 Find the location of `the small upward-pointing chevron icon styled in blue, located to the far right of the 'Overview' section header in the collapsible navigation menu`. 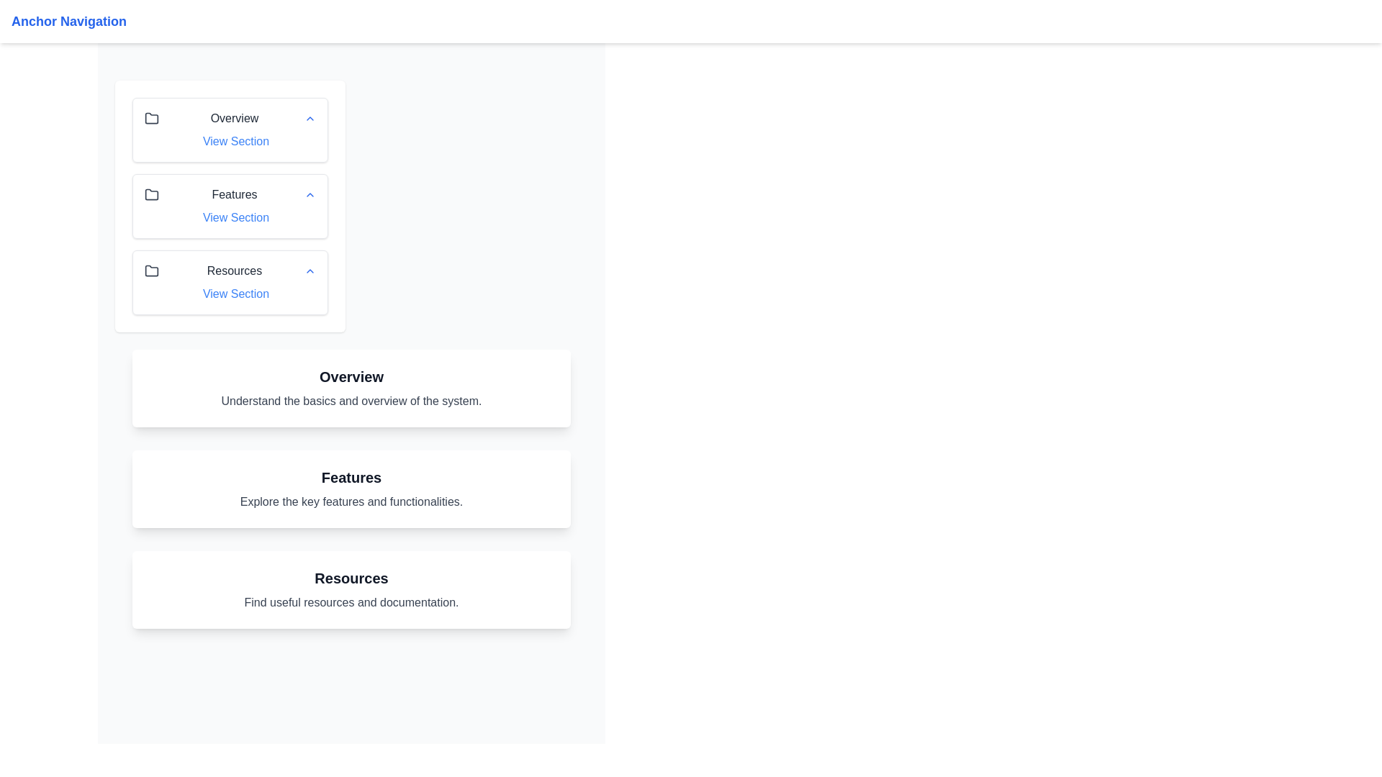

the small upward-pointing chevron icon styled in blue, located to the far right of the 'Overview' section header in the collapsible navigation menu is located at coordinates (310, 118).